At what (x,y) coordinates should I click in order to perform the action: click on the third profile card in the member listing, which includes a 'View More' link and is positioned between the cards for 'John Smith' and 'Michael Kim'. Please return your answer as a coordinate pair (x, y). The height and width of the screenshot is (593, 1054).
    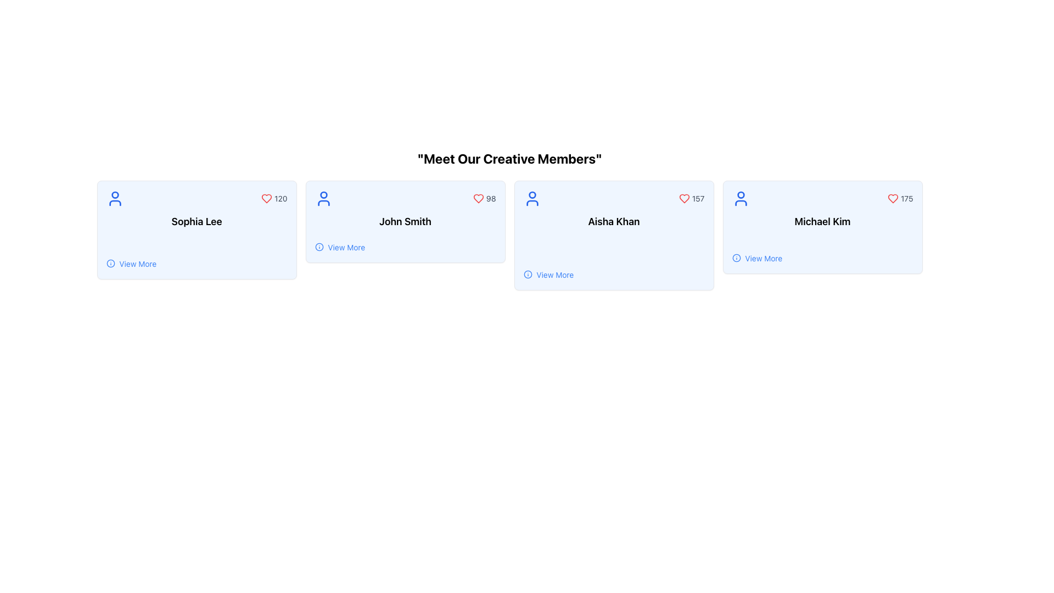
    Looking at the image, I should click on (613, 234).